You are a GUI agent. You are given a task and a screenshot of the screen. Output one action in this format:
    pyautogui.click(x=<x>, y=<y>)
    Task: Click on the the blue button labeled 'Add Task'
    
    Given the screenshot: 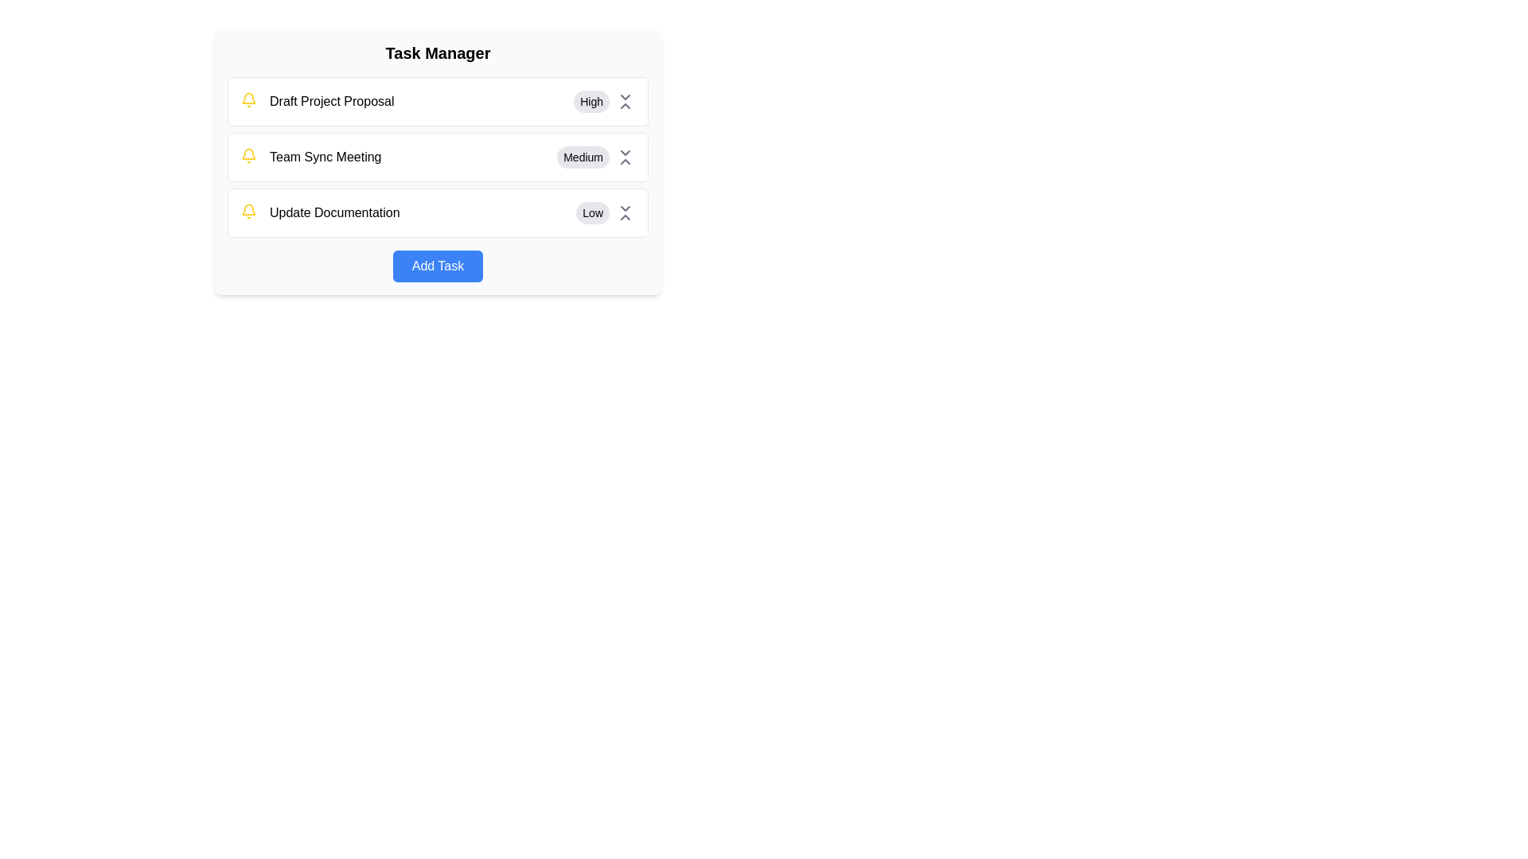 What is the action you would take?
    pyautogui.click(x=438, y=266)
    